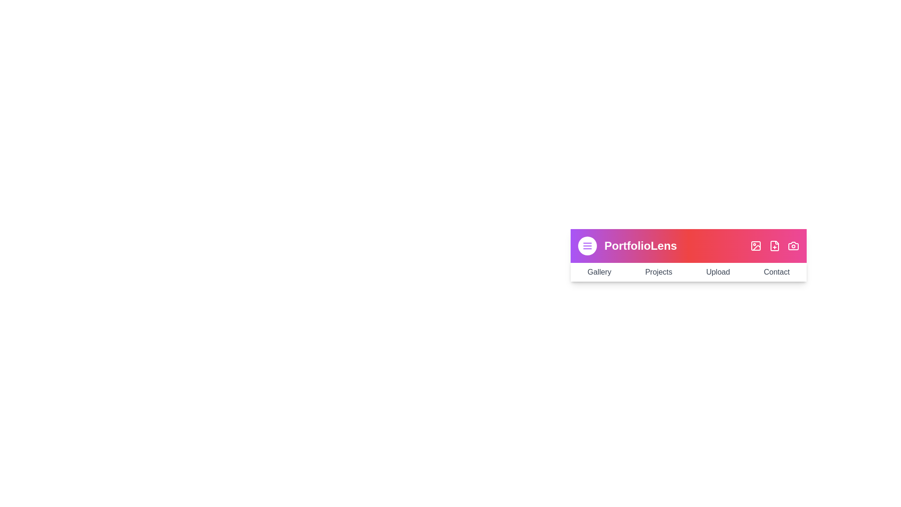 This screenshot has width=901, height=507. Describe the element at coordinates (587, 246) in the screenshot. I see `menu button to toggle the menu visibility` at that location.